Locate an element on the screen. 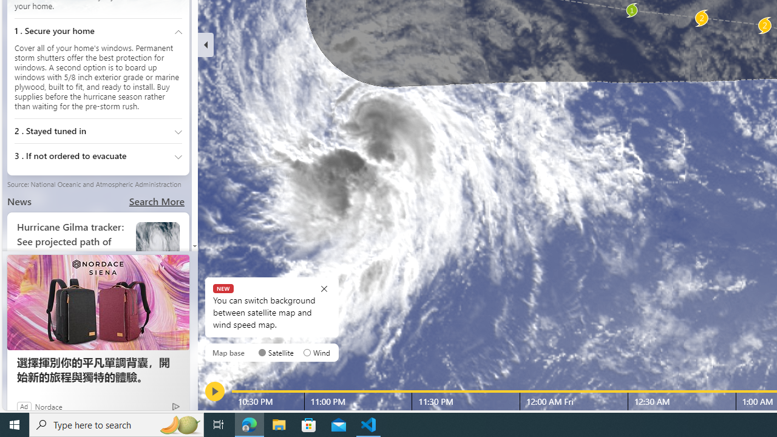  'Class: BubbleMessageCloseIcon-DS-EntryPoint1-1' is located at coordinates (324, 288).